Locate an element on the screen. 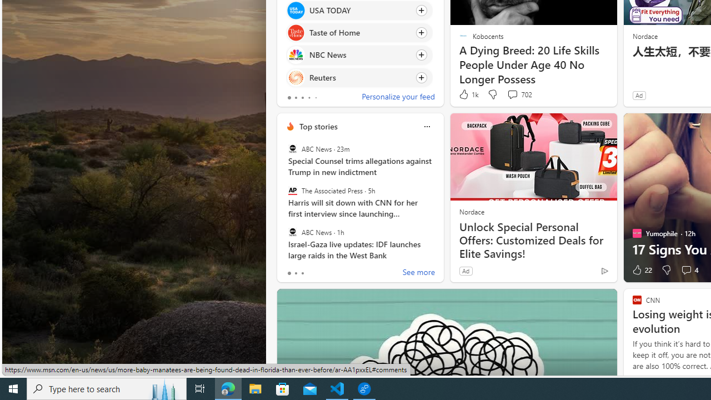  'Dislike' is located at coordinates (667, 270).